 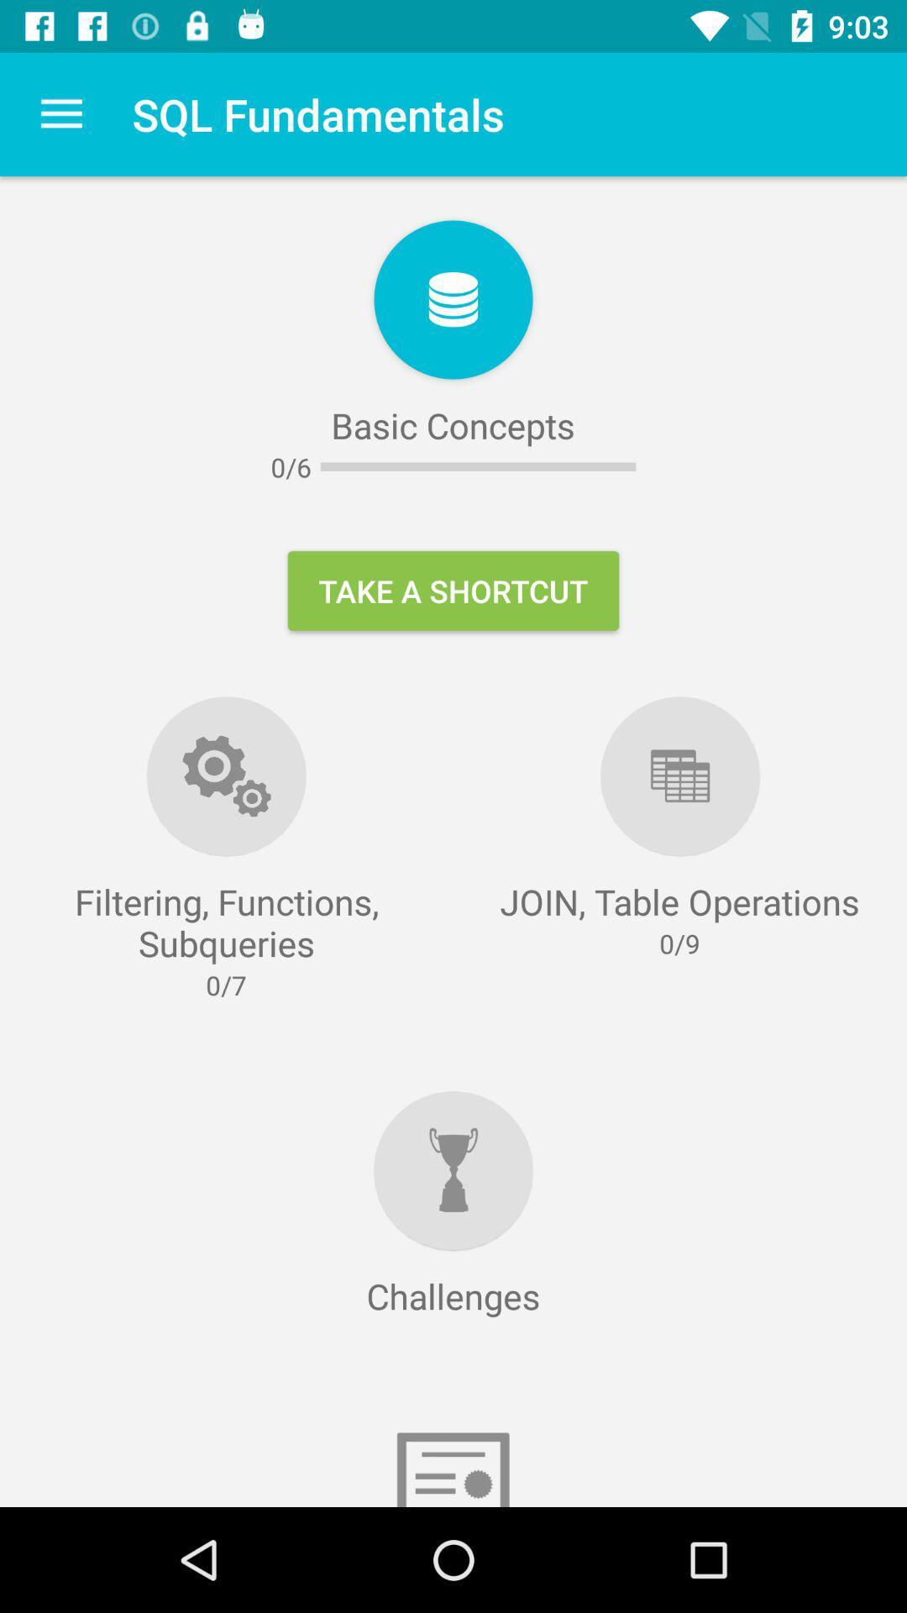 I want to click on item to the left of the sql fundamentals item, so click(x=60, y=113).